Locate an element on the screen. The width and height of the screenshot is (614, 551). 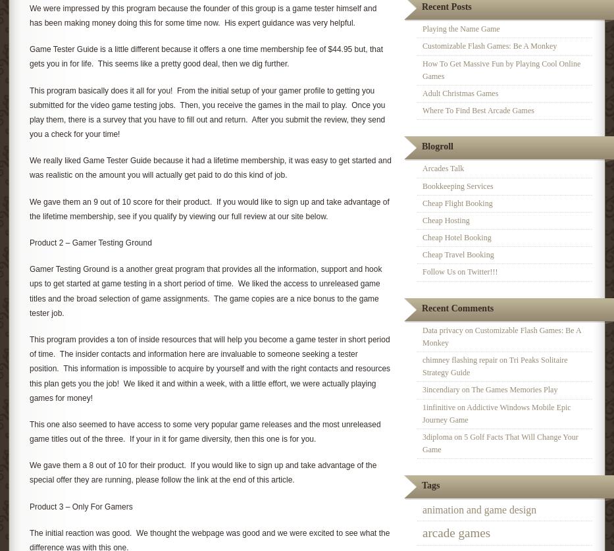
'Adult Christmas Games' is located at coordinates (460, 92).